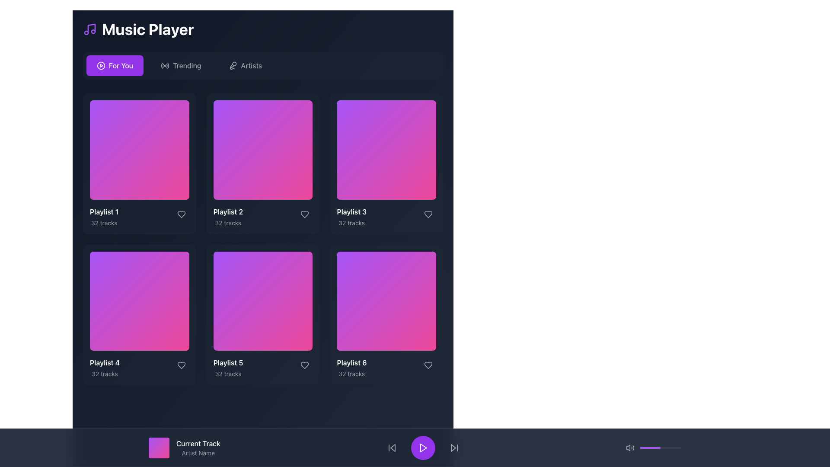 Image resolution: width=830 pixels, height=467 pixels. What do you see at coordinates (120, 65) in the screenshot?
I see `the 'For You' label which is styled with medium font weight and positioned inside a purple button at the top-left corner of the interface` at bounding box center [120, 65].